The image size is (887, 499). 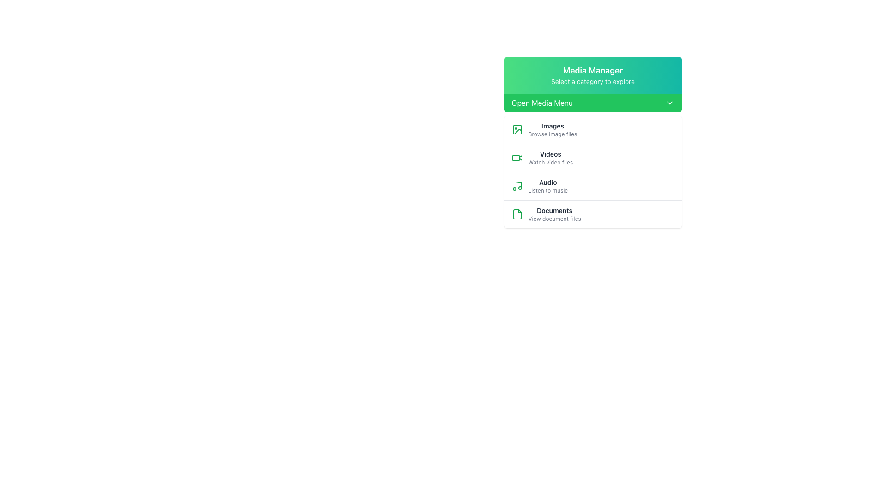 What do you see at coordinates (550, 154) in the screenshot?
I see `the bold text label 'Videos' which is the title of the second section in a vertical list on the right side of the interface, located above the description 'Watch video files'` at bounding box center [550, 154].